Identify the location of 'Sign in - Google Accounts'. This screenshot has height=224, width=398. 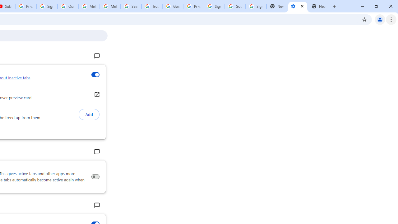
(214, 6).